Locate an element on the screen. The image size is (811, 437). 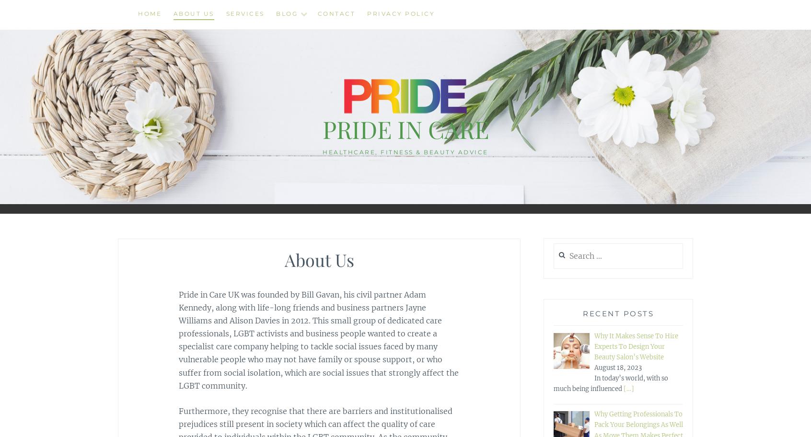
'About Us' is located at coordinates (193, 13).